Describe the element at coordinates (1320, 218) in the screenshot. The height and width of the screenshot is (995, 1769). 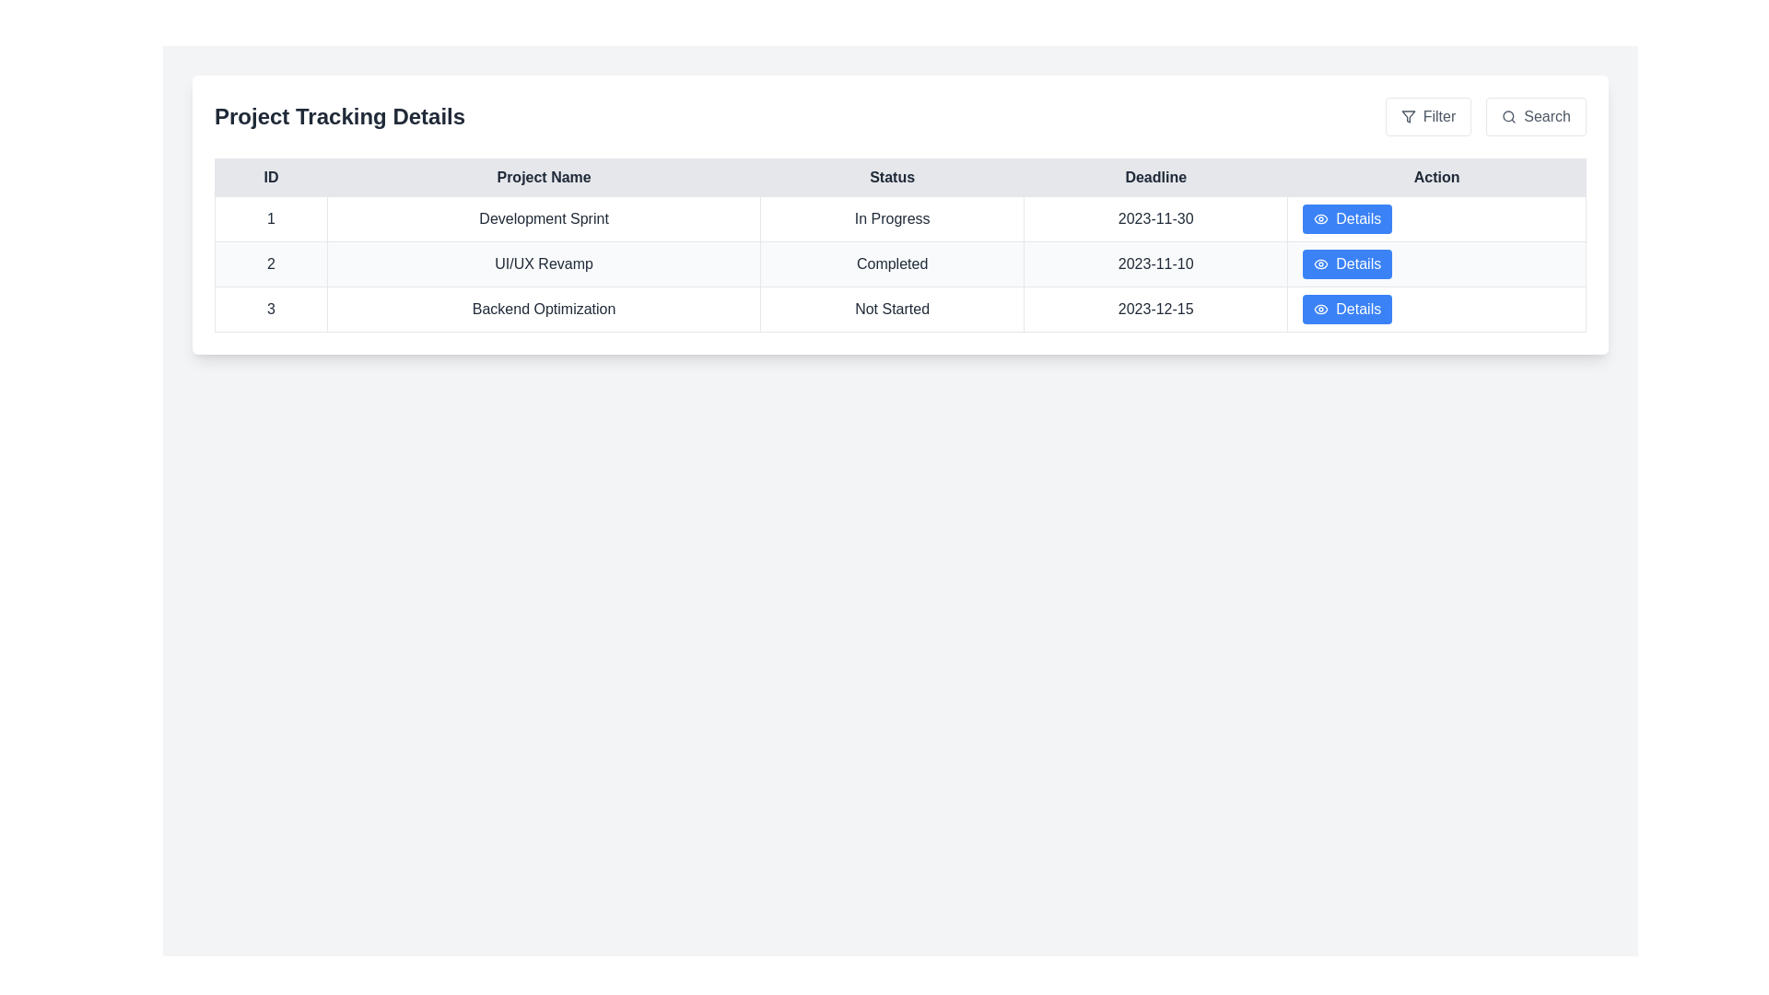
I see `the eye-shaped icon within the 'Details' button located in the first row of the 'Action' column for the 'Development Sprint' item` at that location.